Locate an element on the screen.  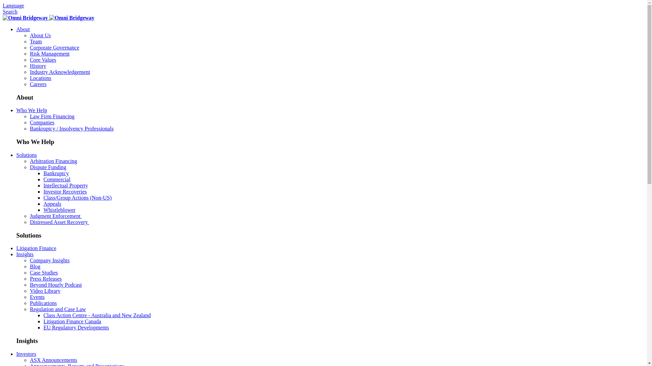
'Solutions' is located at coordinates (26, 155).